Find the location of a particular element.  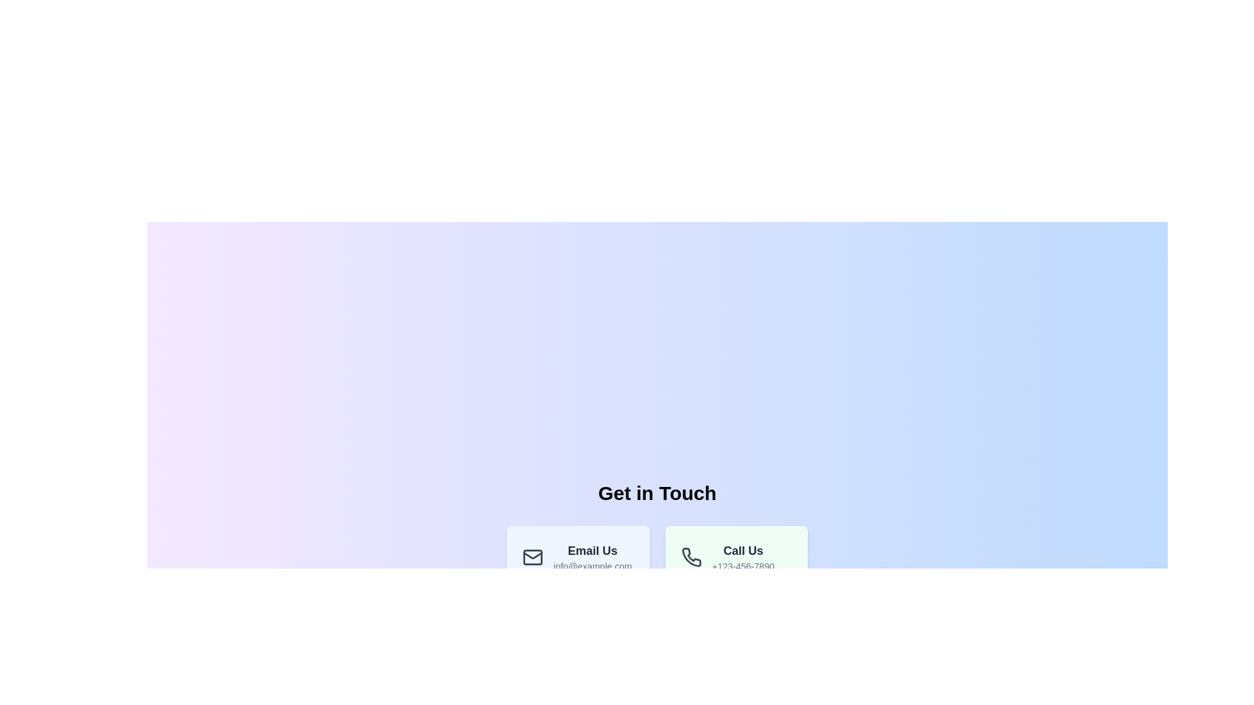

the envelope icon representing the traditional mail symbol located in the lower left quadrant of the interface, beside the 'Call Us' section is located at coordinates (532, 556).